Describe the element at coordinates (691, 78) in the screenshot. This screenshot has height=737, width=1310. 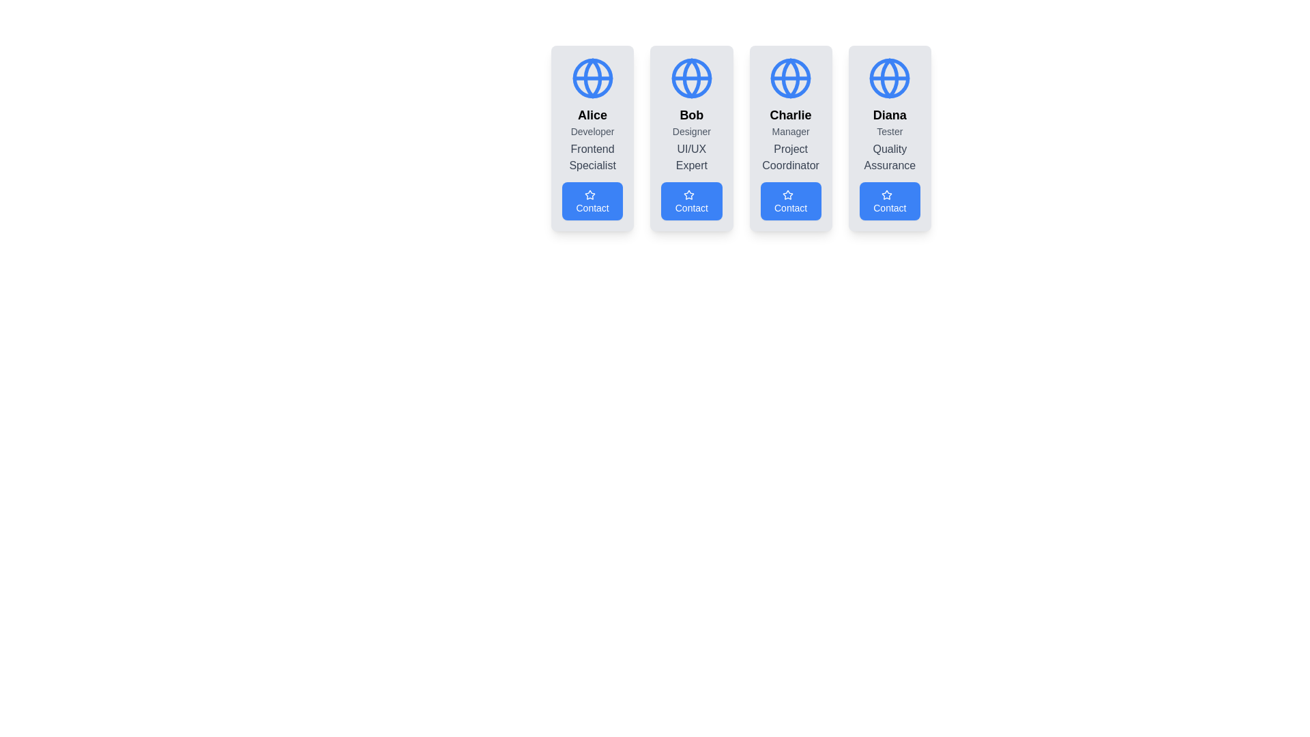
I see `the globe icon located at the top of the second card titled 'Bob', which visually represents global expertise` at that location.